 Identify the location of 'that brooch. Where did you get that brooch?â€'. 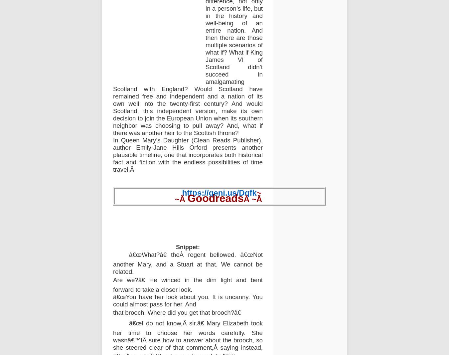
(113, 312).